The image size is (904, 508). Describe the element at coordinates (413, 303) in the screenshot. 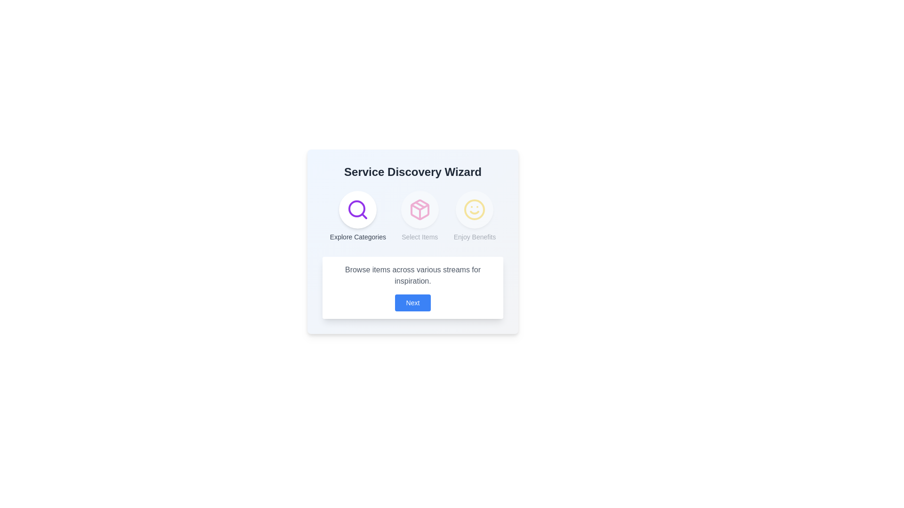

I see `the 'Next' button to proceed to the next step` at that location.